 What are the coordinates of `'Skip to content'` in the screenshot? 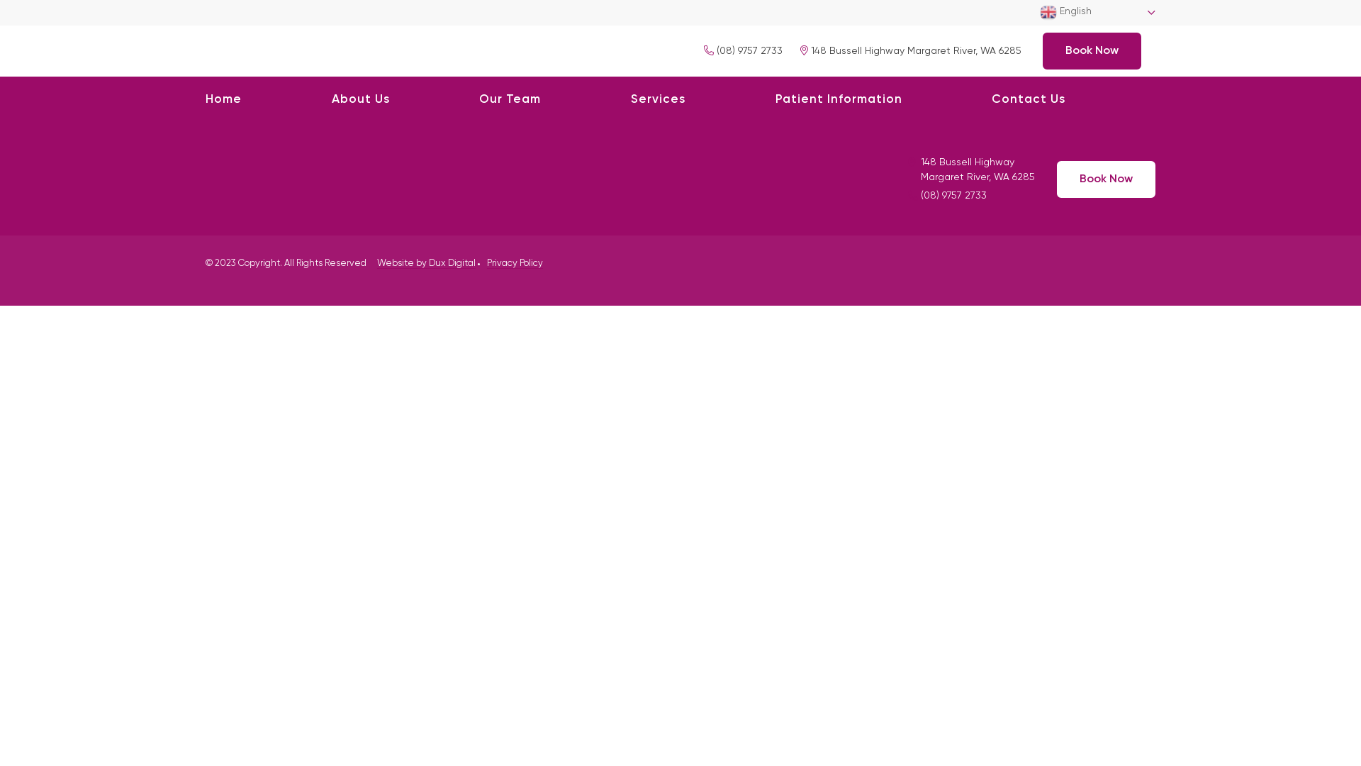 It's located at (0, 0).